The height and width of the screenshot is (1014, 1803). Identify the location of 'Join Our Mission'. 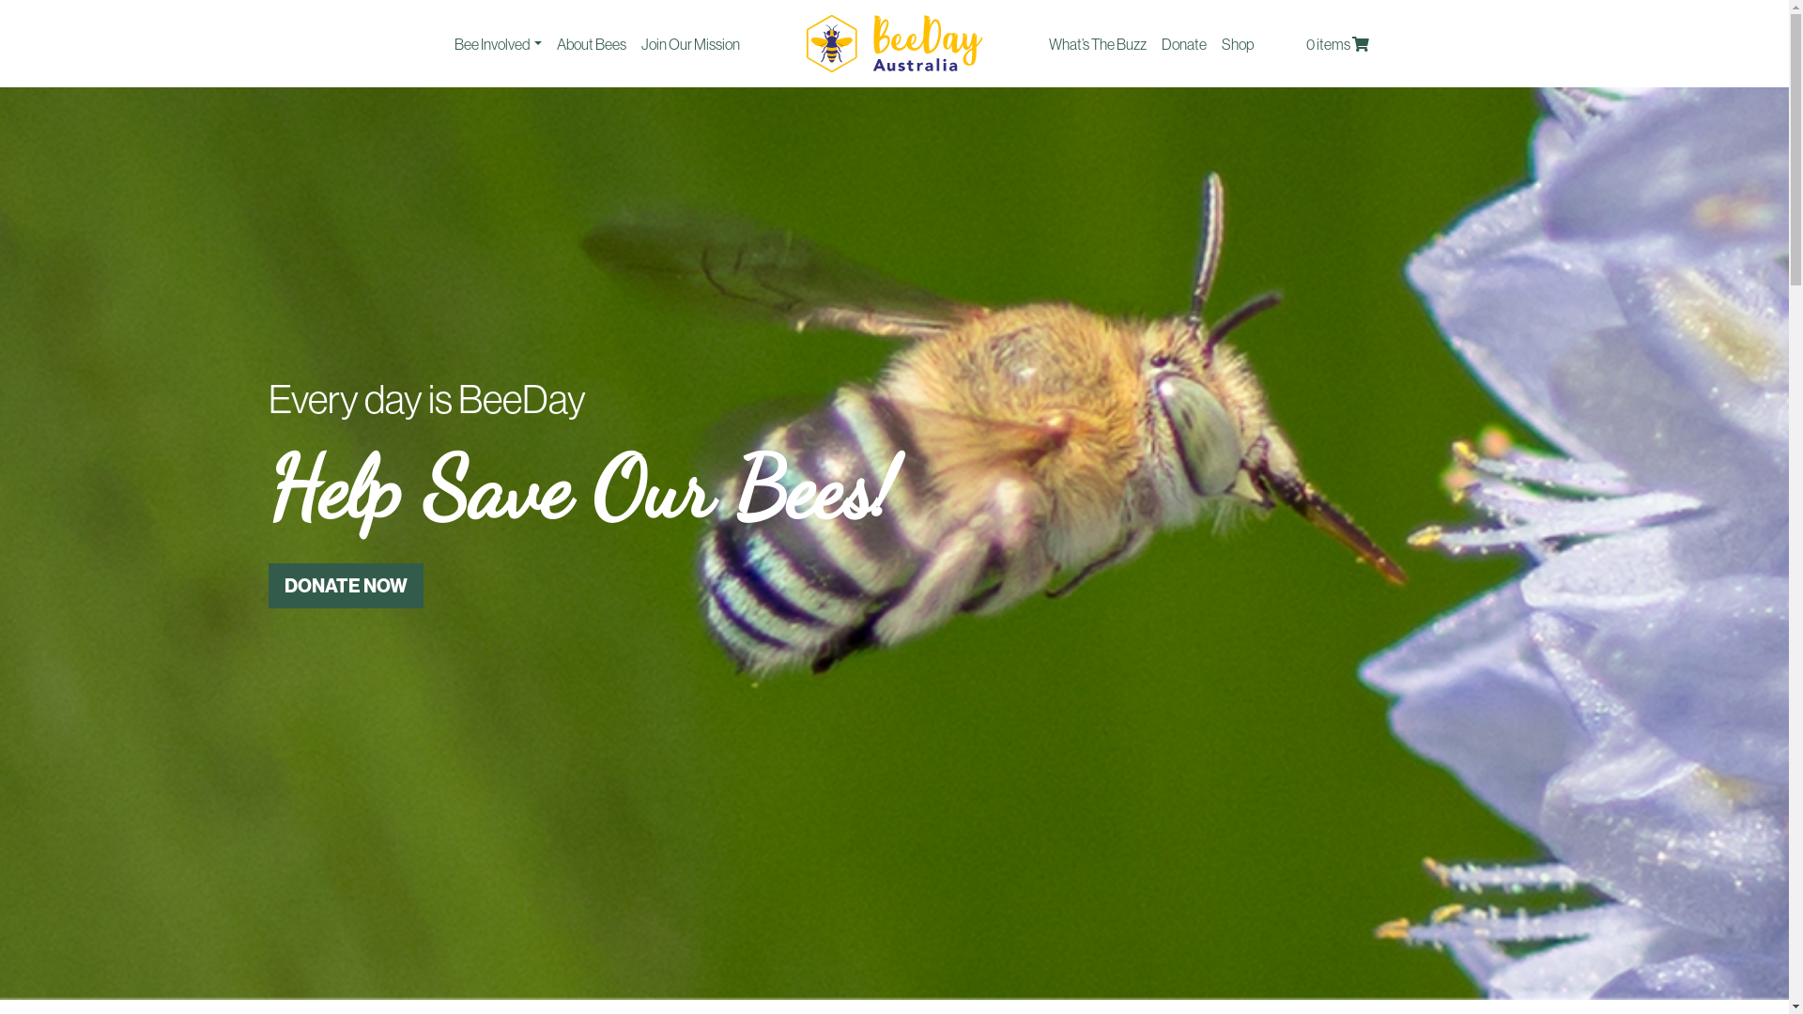
(689, 42).